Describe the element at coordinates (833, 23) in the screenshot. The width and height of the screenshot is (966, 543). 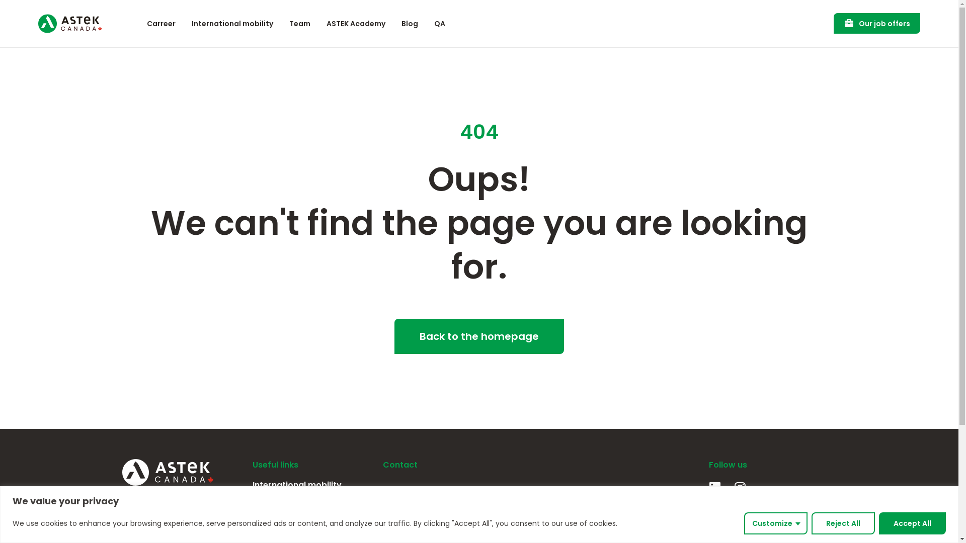
I see `'Our job offers'` at that location.